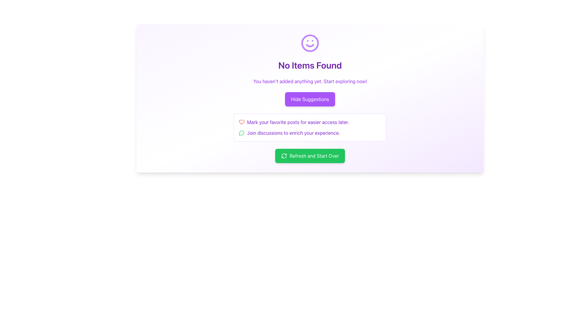 The height and width of the screenshot is (322, 573). What do you see at coordinates (310, 45) in the screenshot?
I see `the curved line forming the smile within the circular face icon at the top center of the interface` at bounding box center [310, 45].